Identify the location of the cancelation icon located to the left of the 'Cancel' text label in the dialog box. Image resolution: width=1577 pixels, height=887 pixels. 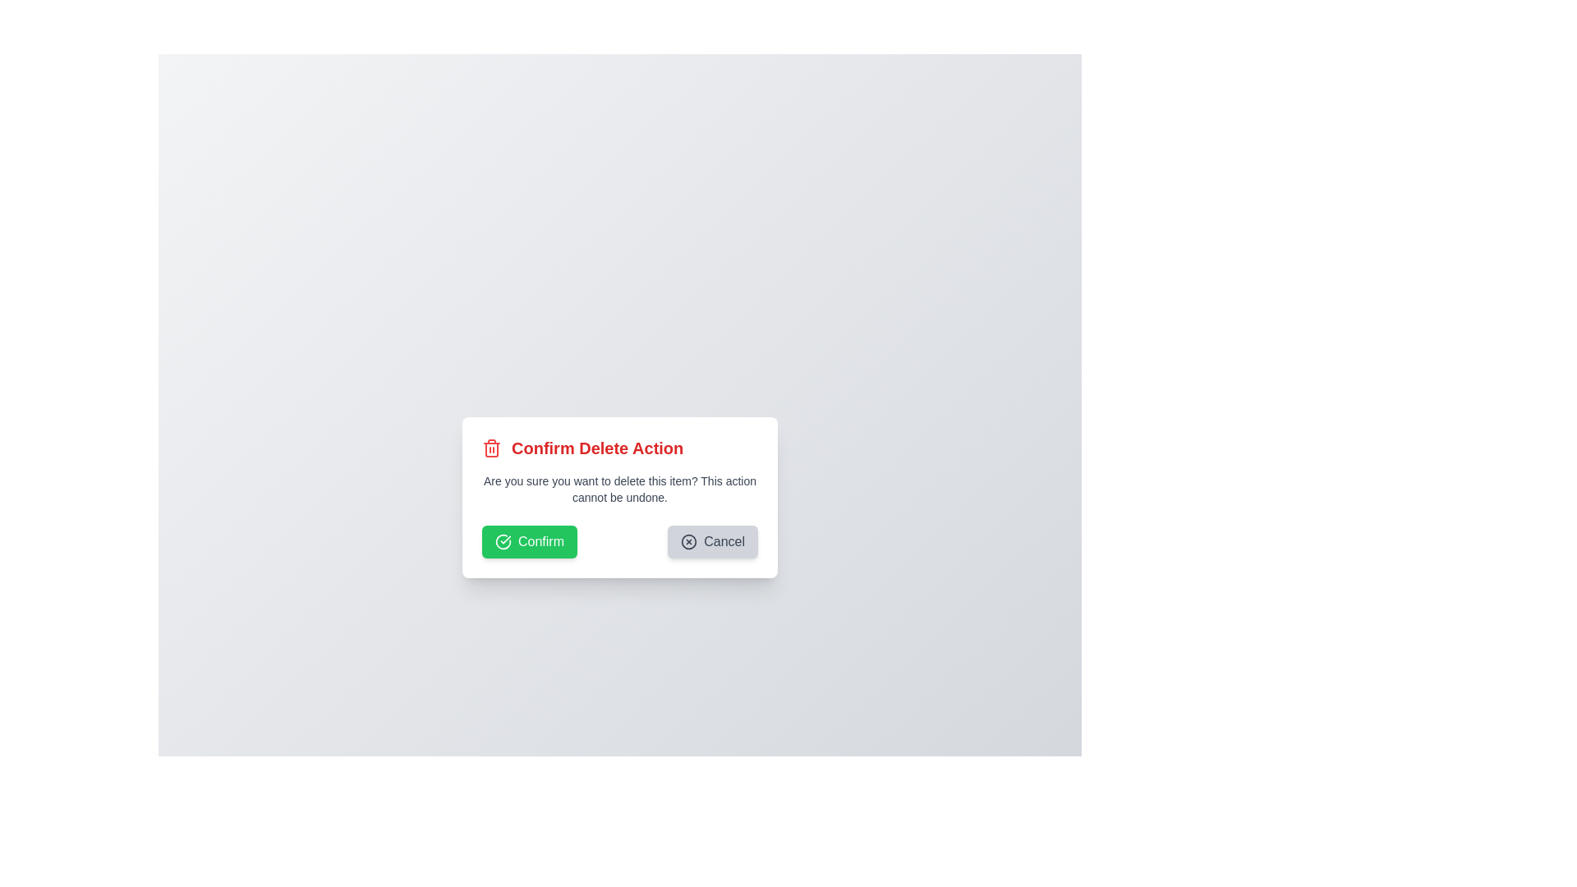
(689, 541).